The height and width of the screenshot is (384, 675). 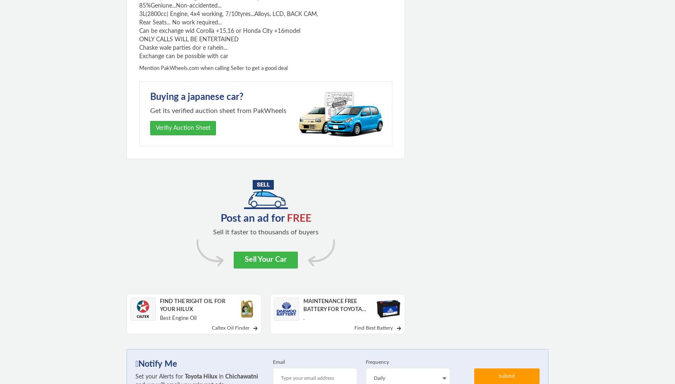 I want to click on 'Chaske wale parties dor e rahein...', so click(x=183, y=47).